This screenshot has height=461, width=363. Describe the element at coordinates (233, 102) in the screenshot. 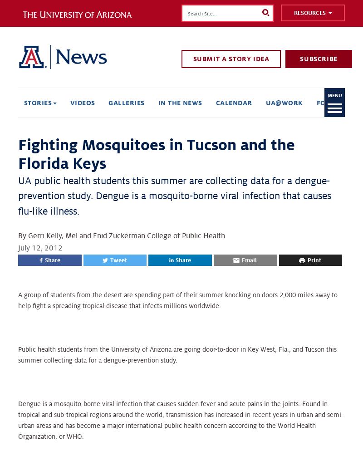

I see `'Calendar'` at that location.